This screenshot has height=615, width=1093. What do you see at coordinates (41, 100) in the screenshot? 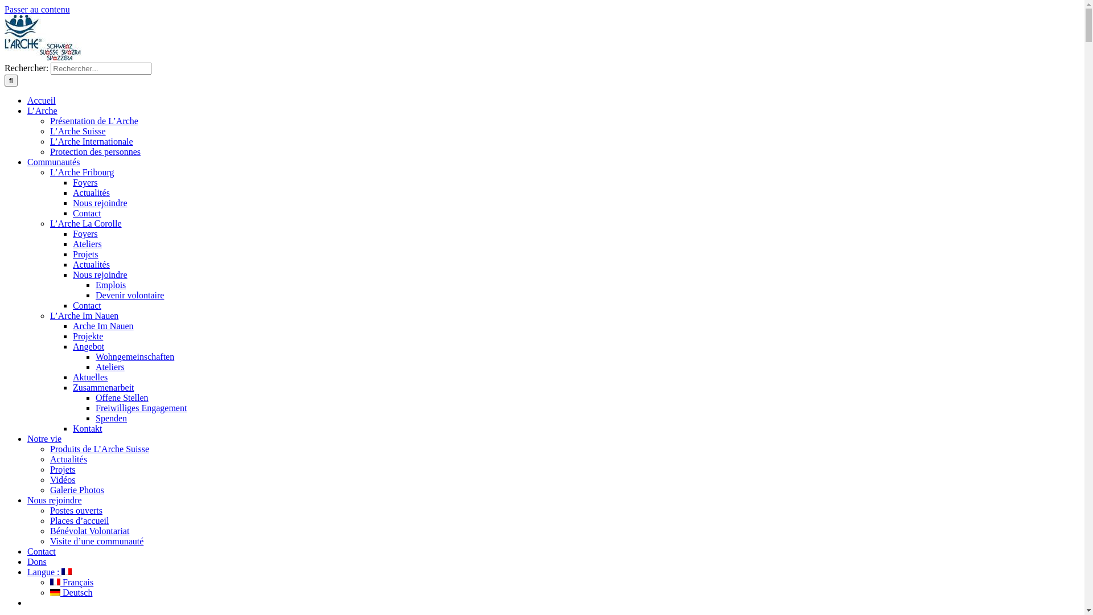
I see `'Accueil'` at bounding box center [41, 100].